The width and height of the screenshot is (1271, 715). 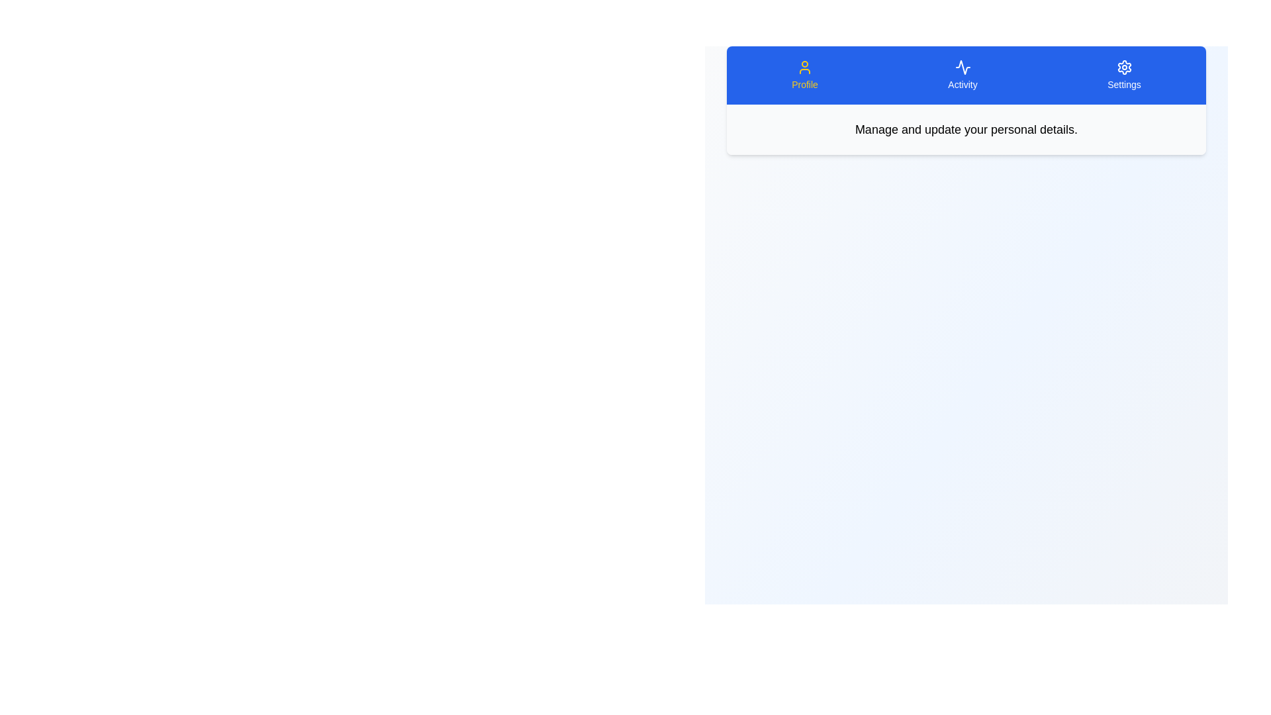 I want to click on the tab labeled Activity, so click(x=963, y=75).